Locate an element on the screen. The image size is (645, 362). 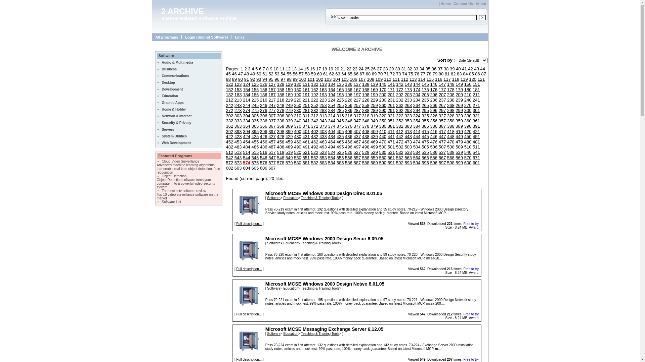
'563' is located at coordinates (404, 158).